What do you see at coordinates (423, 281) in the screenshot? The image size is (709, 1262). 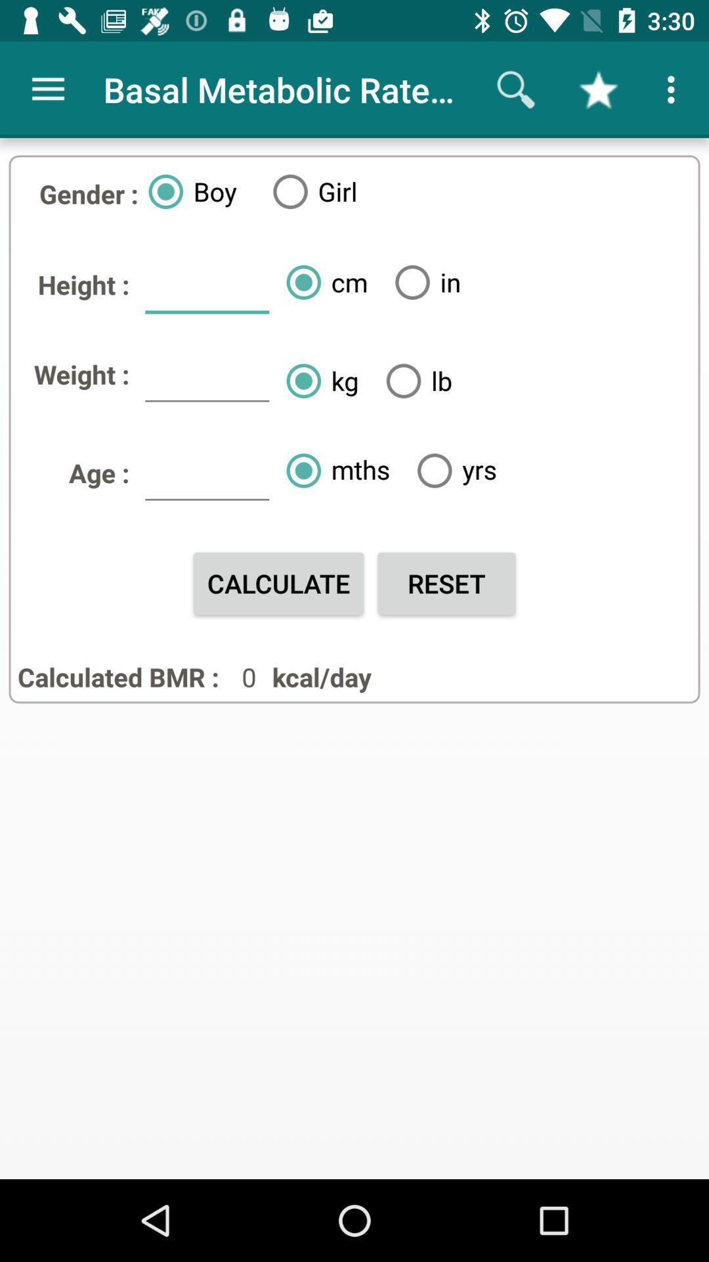 I see `in` at bounding box center [423, 281].